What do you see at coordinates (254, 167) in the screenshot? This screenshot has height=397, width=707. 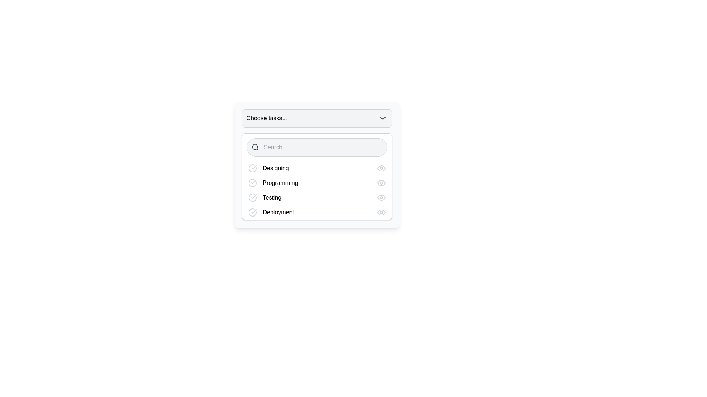 I see `the checkmark icon with a bold, rounded outline located within the circular frame, which is part of the 'Designing' task in the dropdown menu` at bounding box center [254, 167].